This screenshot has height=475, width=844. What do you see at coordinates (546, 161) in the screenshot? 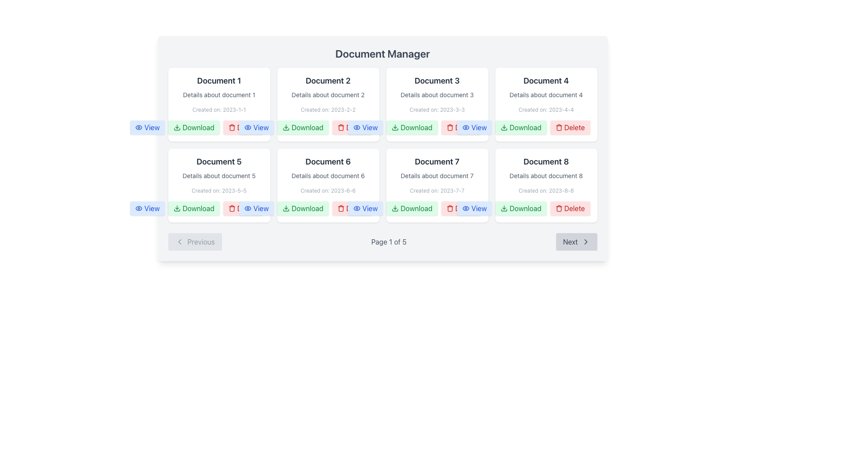
I see `the bold text label that reads 'Document 8', which is located in the last card of the second row in the 'Document Manager' grid layout` at bounding box center [546, 161].